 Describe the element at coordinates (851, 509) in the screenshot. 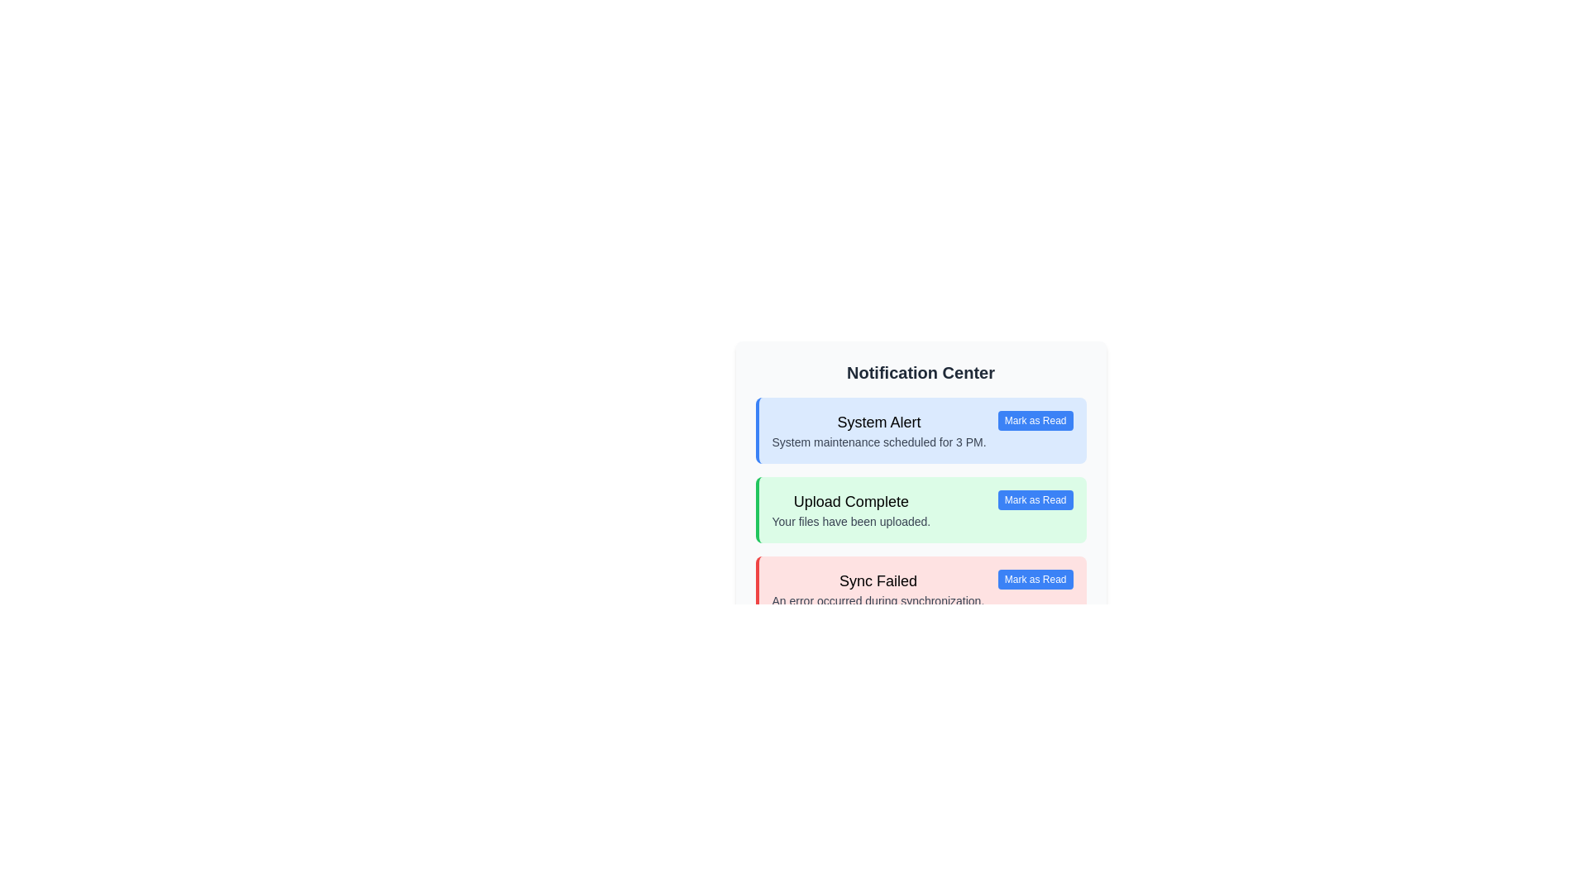

I see `the Notification text block displaying 'Upload Complete' and 'Your files have been uploaded.' for details` at that location.